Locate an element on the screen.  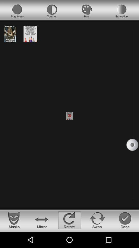
new image is located at coordinates (30, 34).